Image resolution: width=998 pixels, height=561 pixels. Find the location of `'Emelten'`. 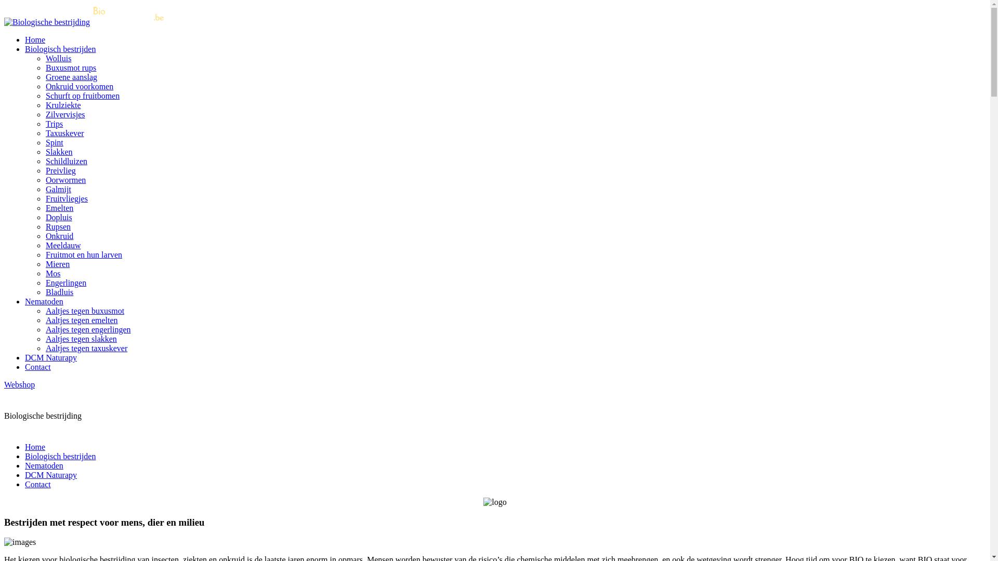

'Emelten' is located at coordinates (59, 208).